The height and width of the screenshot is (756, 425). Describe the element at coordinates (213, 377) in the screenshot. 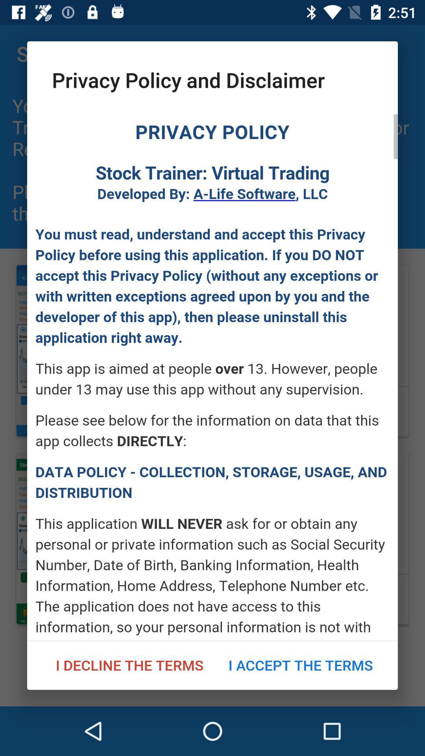

I see `click the description` at that location.